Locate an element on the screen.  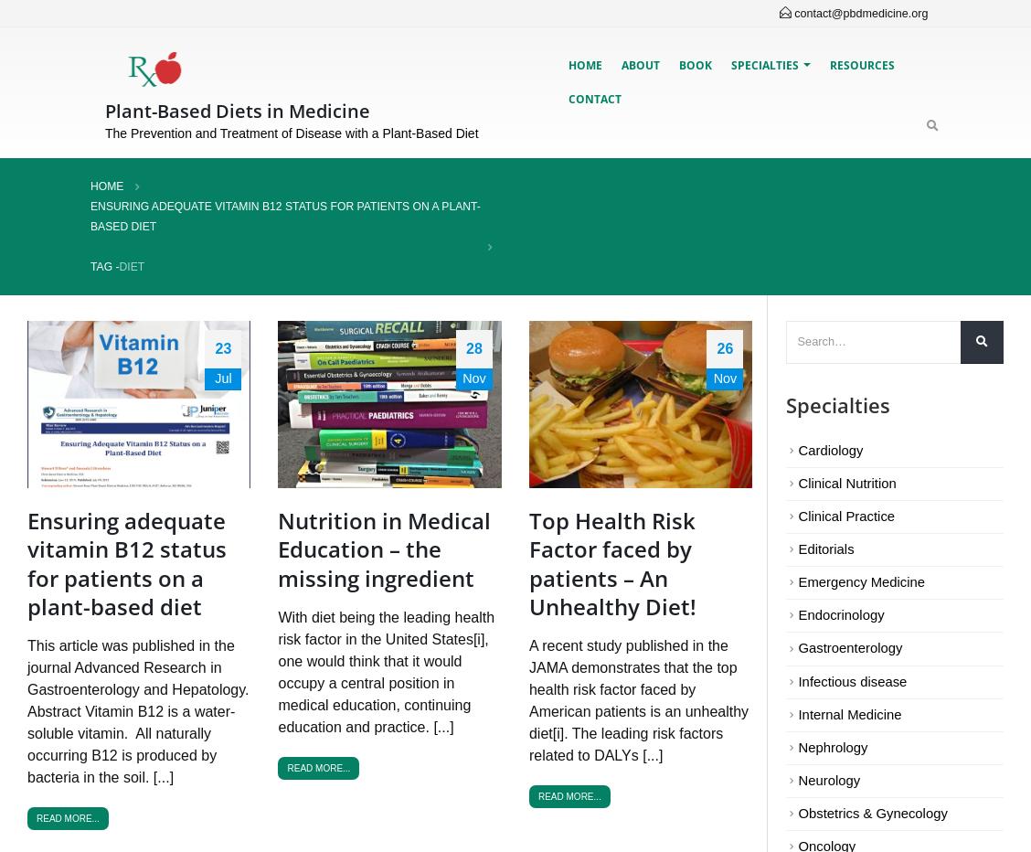
'Clinical Nutrition' is located at coordinates (846, 484).